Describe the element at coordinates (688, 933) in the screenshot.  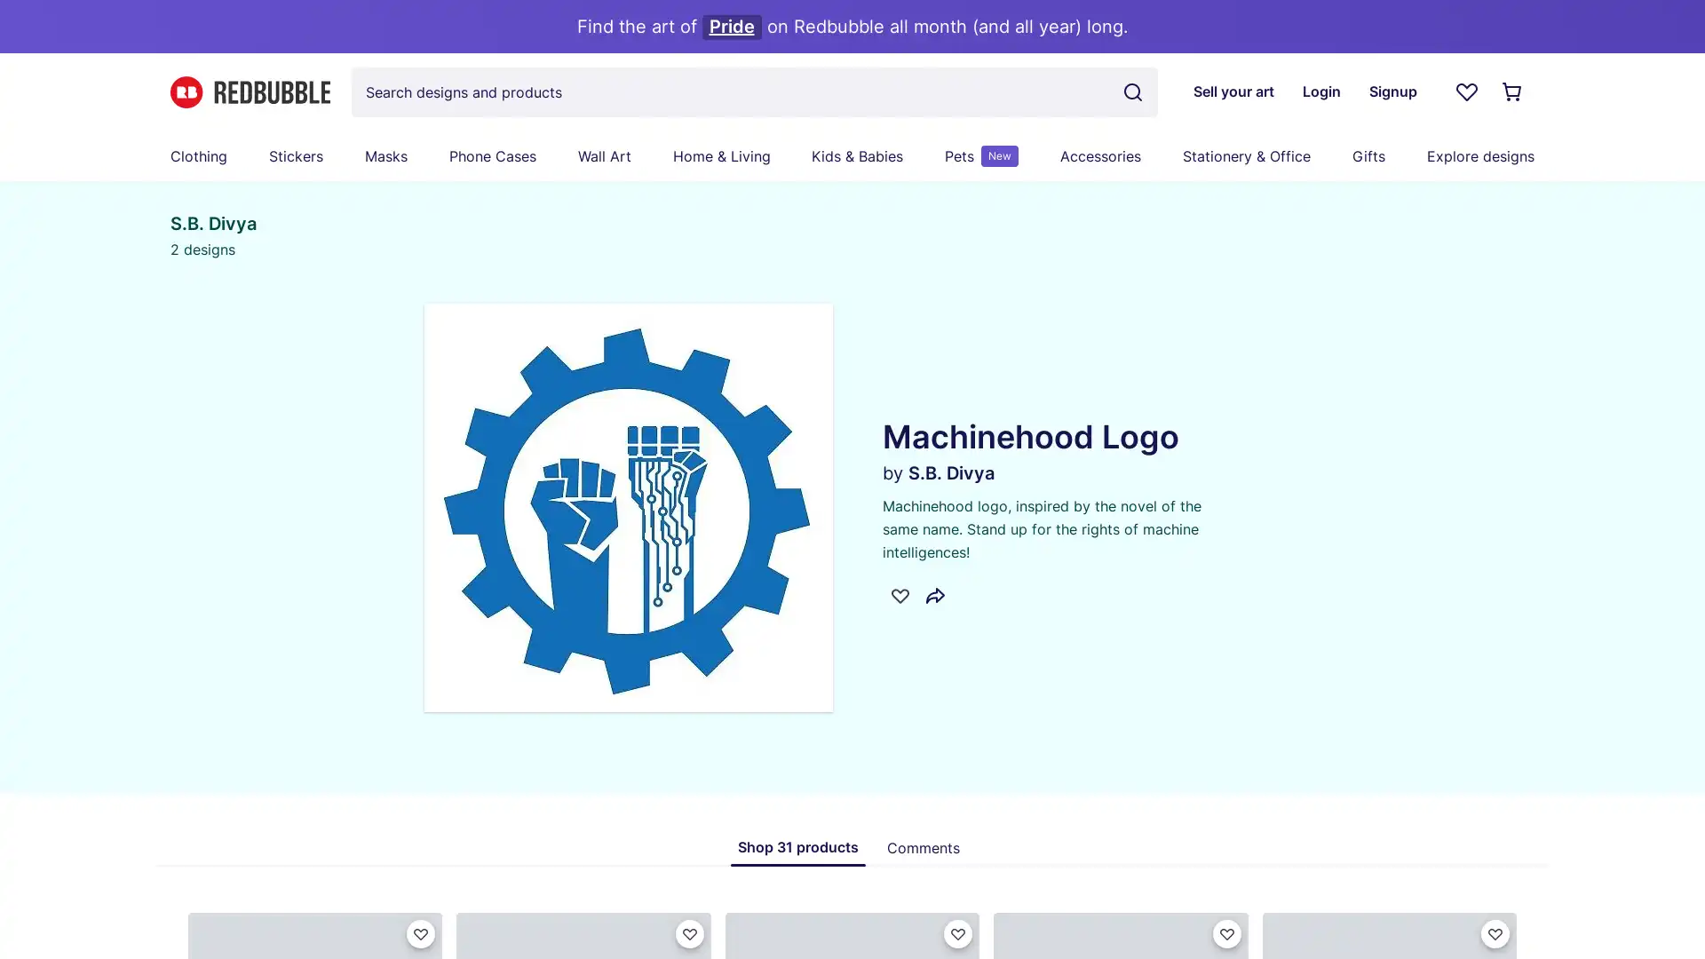
I see `Favorite` at that location.